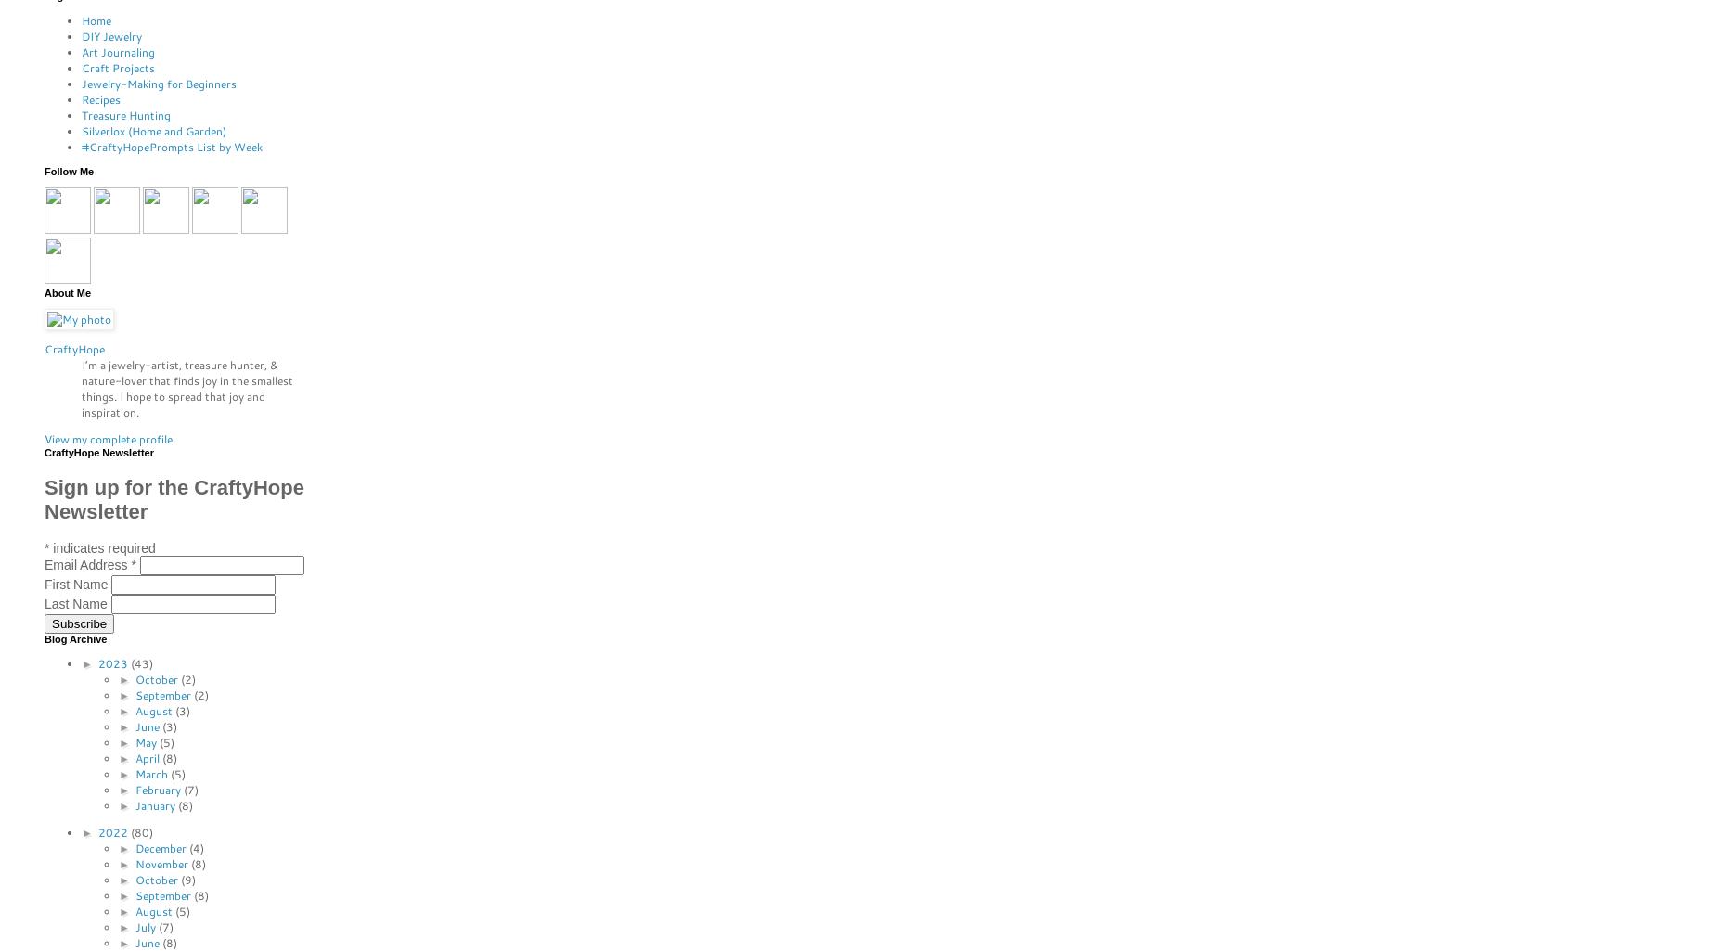 This screenshot has height=951, width=1724. What do you see at coordinates (155, 804) in the screenshot?
I see `'January'` at bounding box center [155, 804].